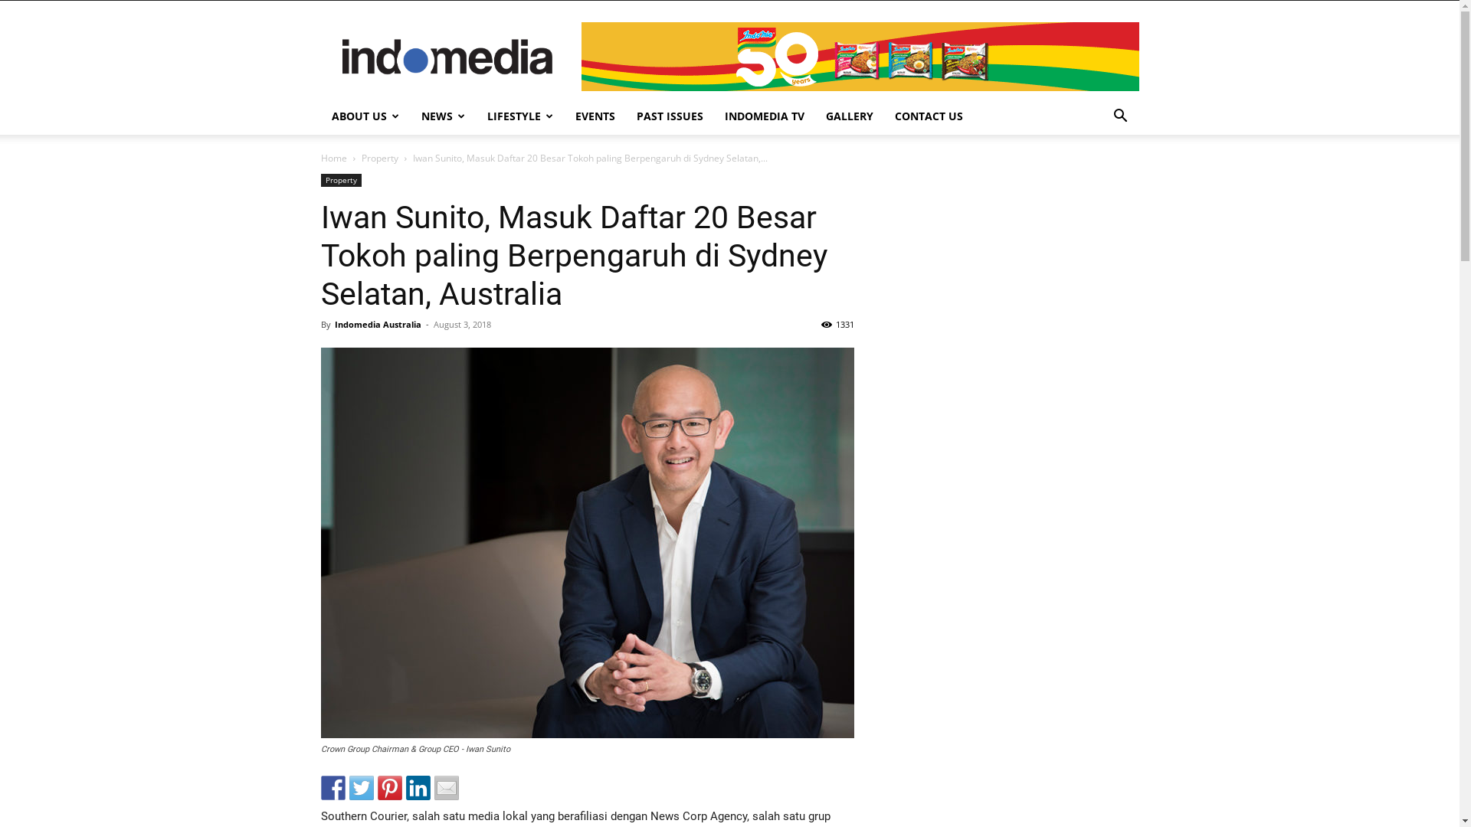 This screenshot has height=827, width=1471. I want to click on 'LIFESTYLE', so click(476, 115).